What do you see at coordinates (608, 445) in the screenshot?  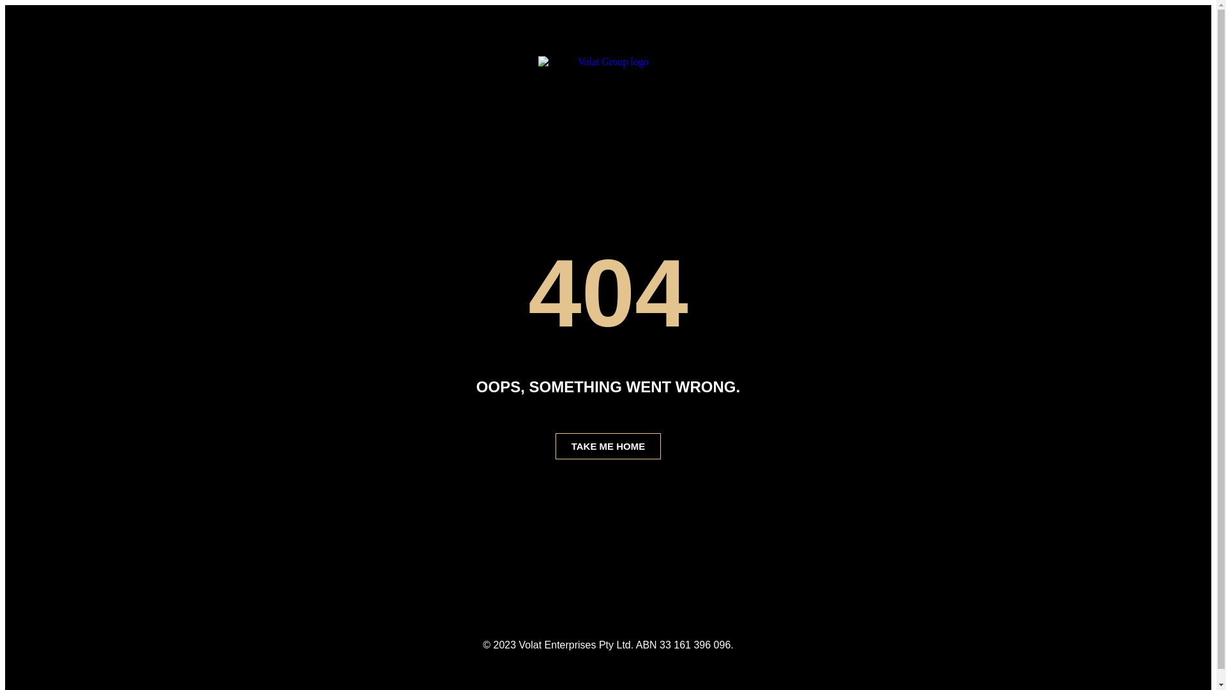 I see `'TAKE ME HOME'` at bounding box center [608, 445].